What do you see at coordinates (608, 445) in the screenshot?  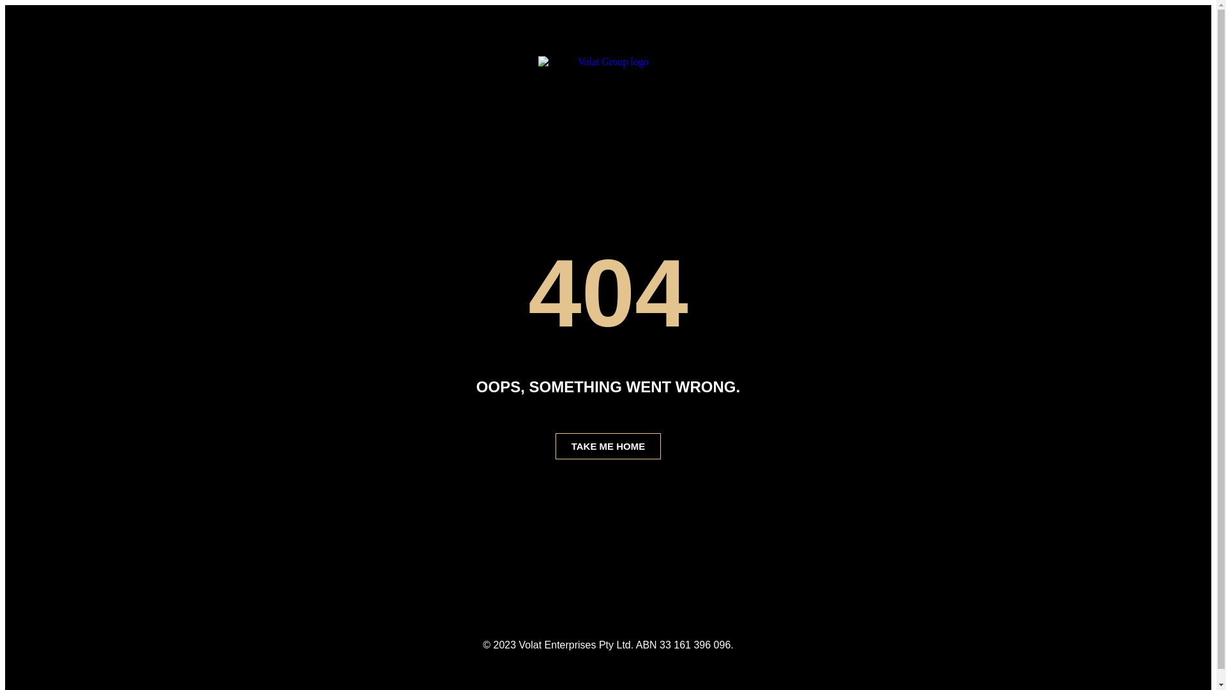 I see `'TAKE ME HOME'` at bounding box center [608, 445].